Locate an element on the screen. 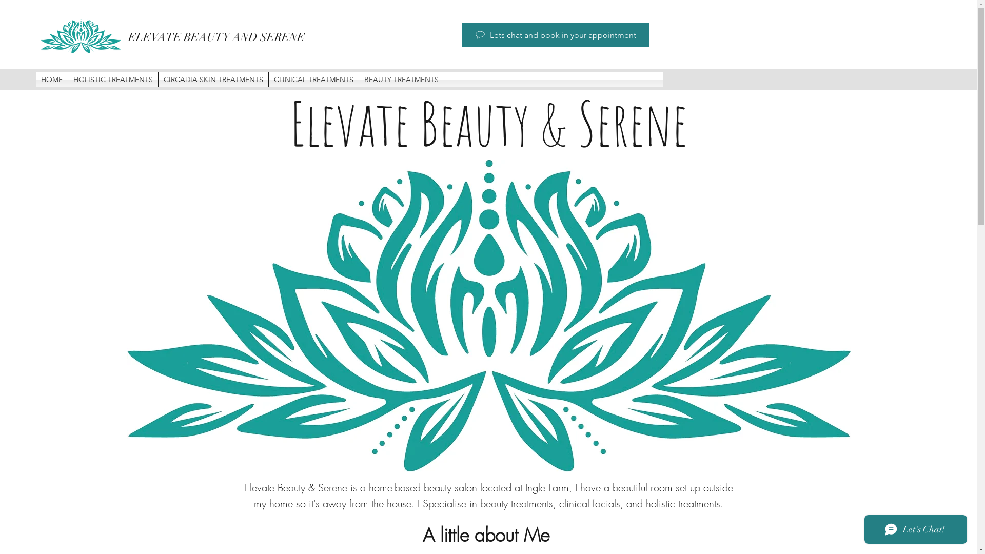  'BEAUTY TREATMENTS' is located at coordinates (401, 78).